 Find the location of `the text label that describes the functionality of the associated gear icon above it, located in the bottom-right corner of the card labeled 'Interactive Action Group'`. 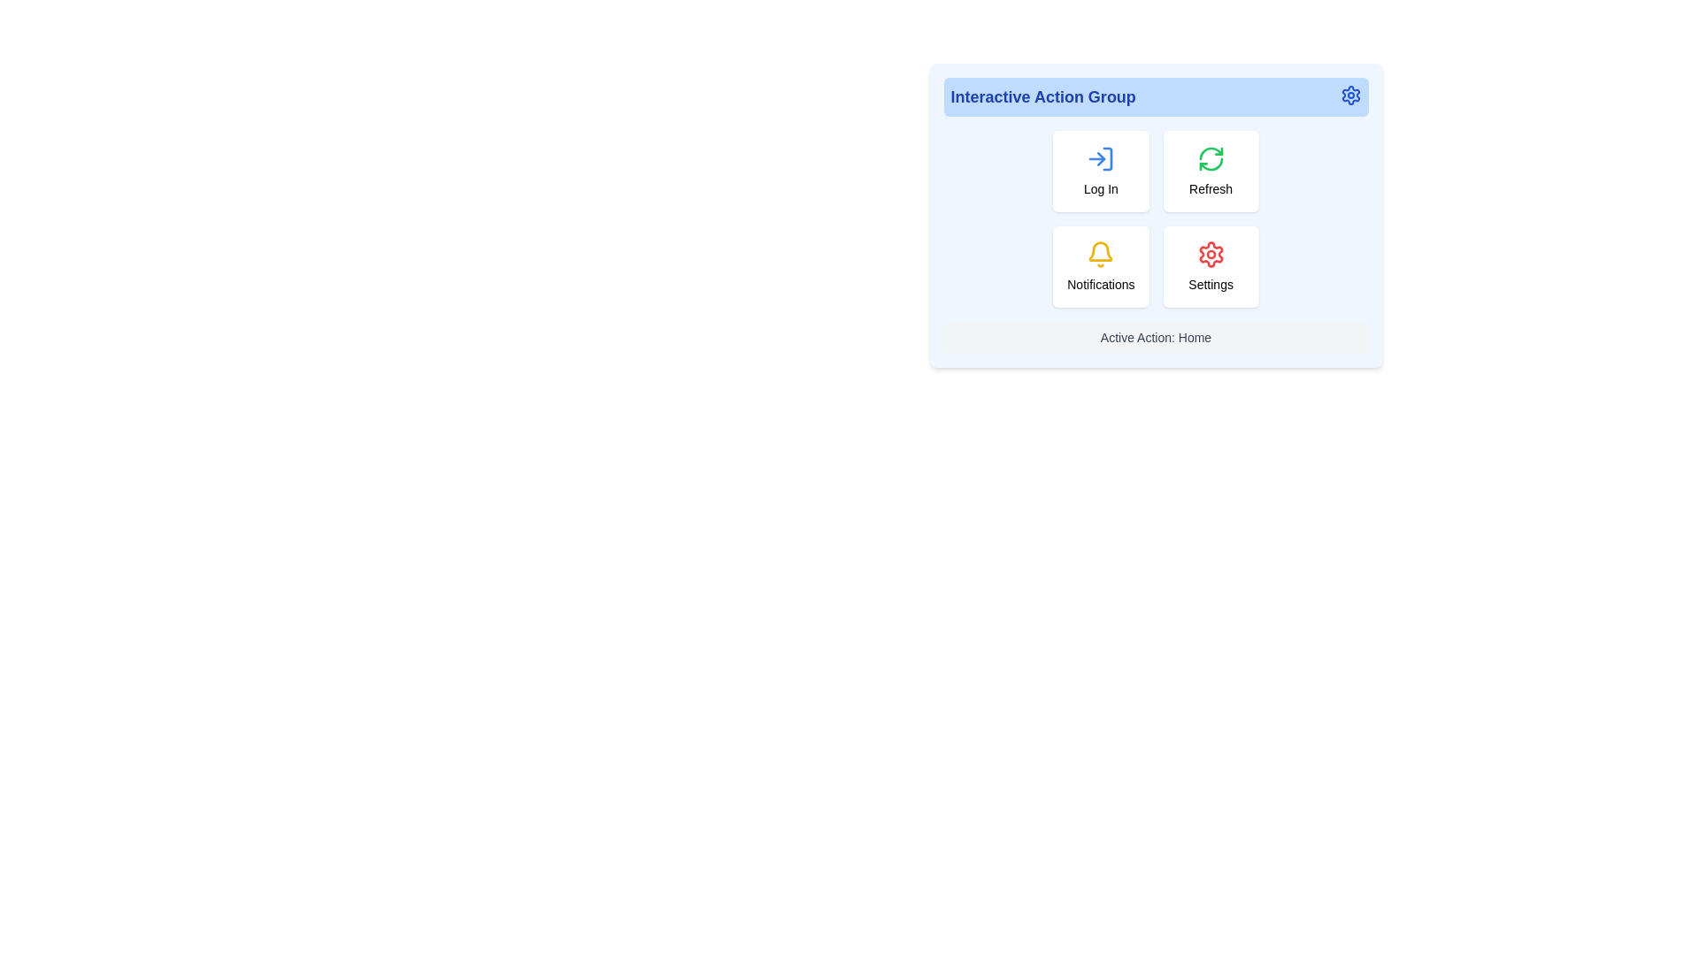

the text label that describes the functionality of the associated gear icon above it, located in the bottom-right corner of the card labeled 'Interactive Action Group' is located at coordinates (1210, 283).